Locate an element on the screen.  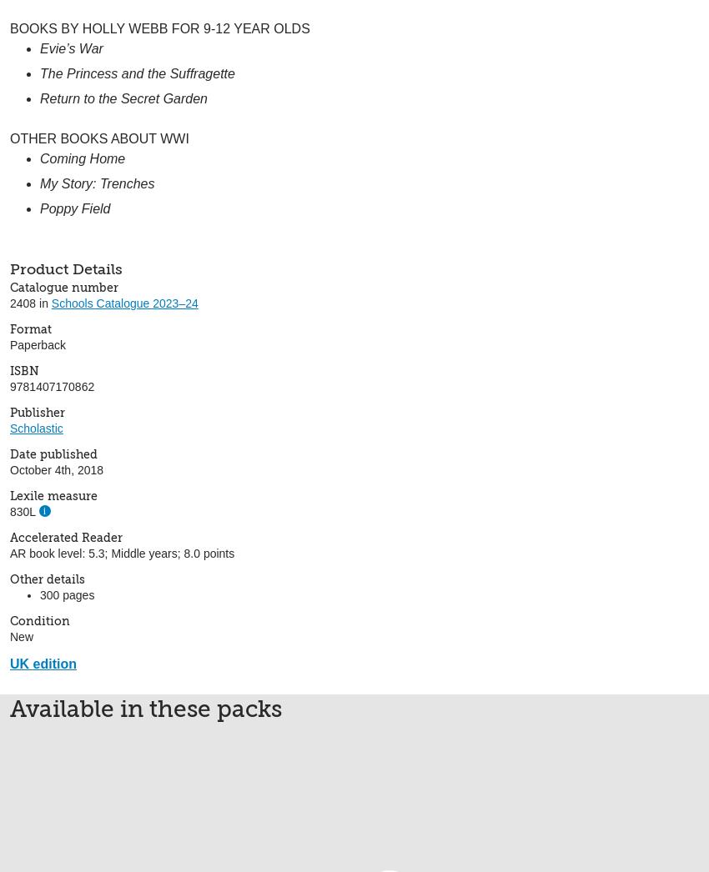
'Date published' is located at coordinates (8, 453).